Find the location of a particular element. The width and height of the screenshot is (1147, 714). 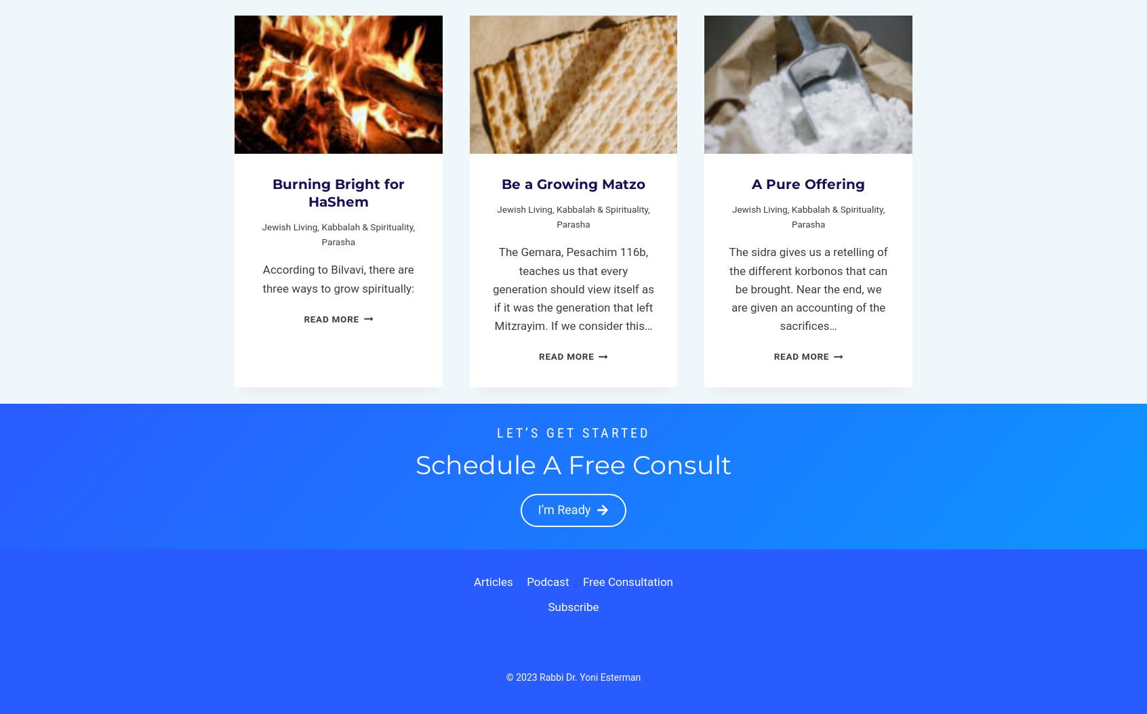

'© 2023 Rabbi Dr. Yoni Esterman' is located at coordinates (505, 677).